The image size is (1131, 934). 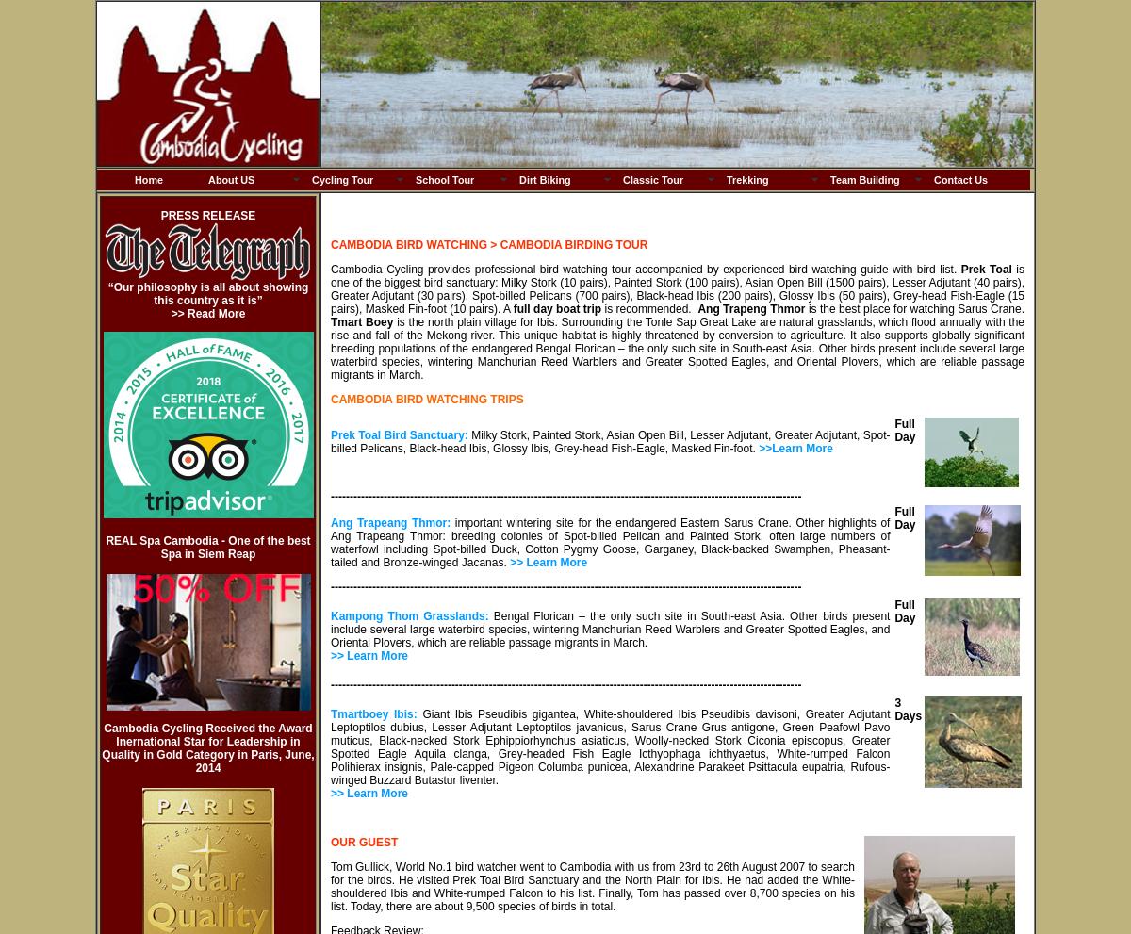 I want to click on 'Tmart Boey', so click(x=331, y=321).